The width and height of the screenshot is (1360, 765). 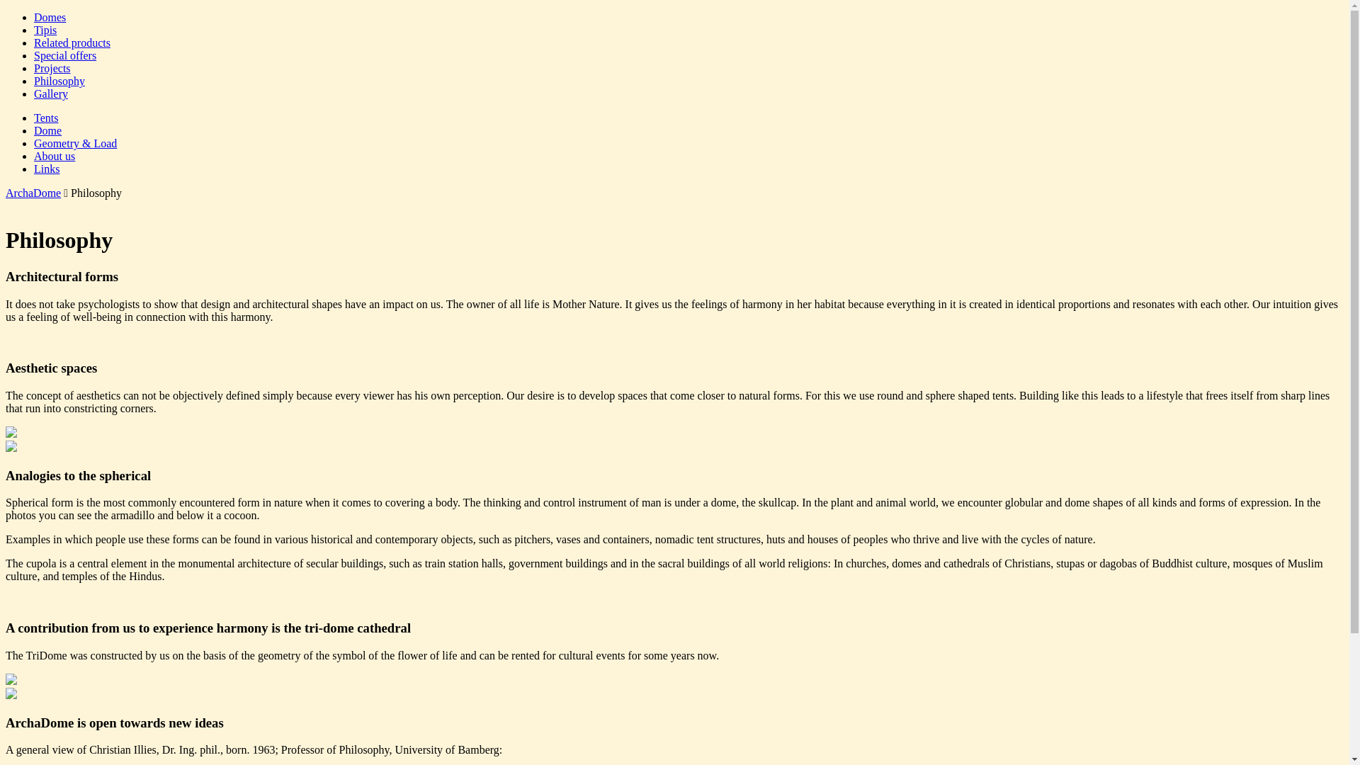 What do you see at coordinates (34, 55) in the screenshot?
I see `'Special offers'` at bounding box center [34, 55].